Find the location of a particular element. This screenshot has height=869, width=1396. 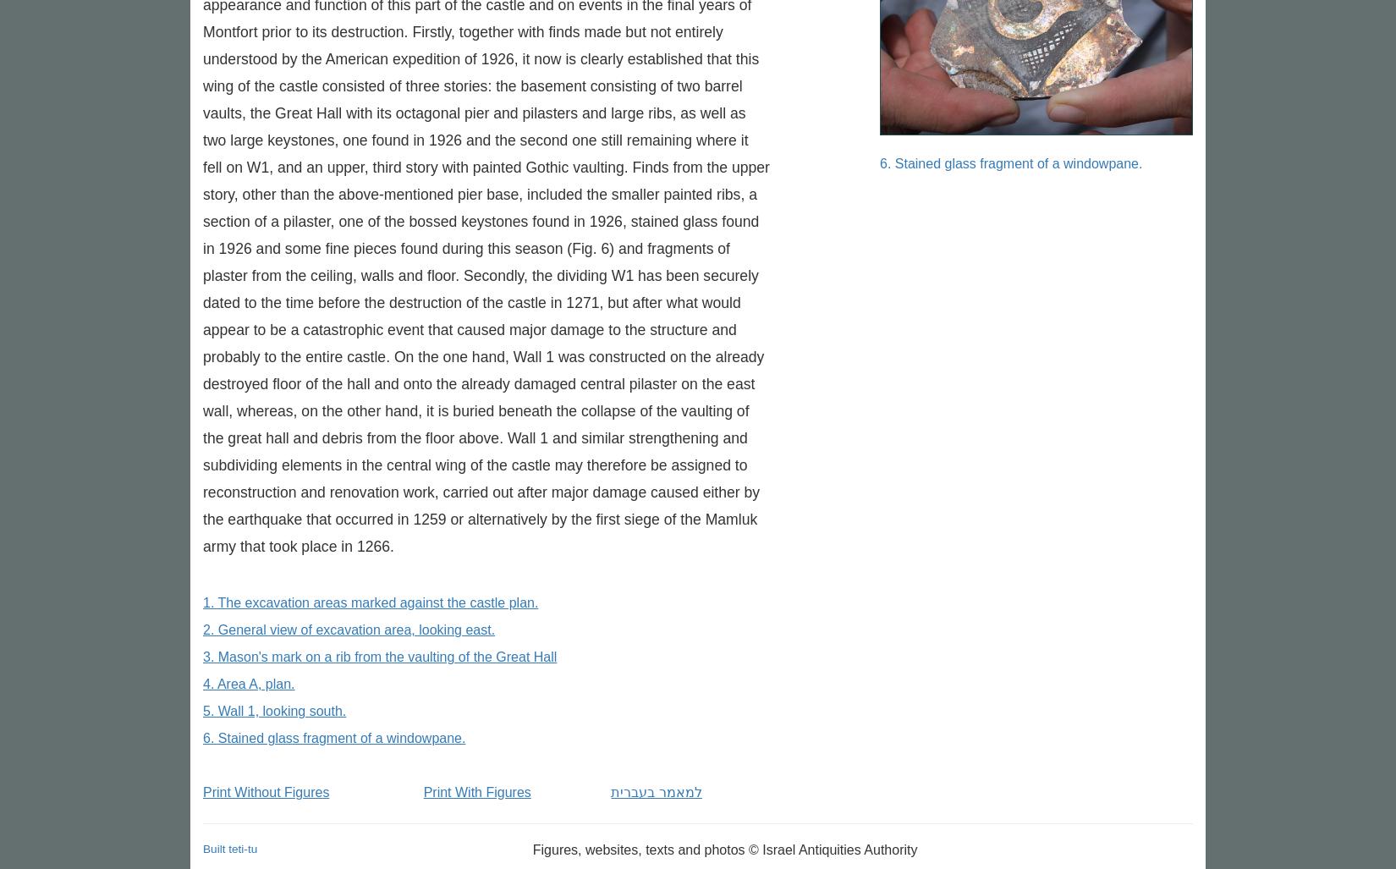

'Print Without Figures' is located at coordinates (266, 792).